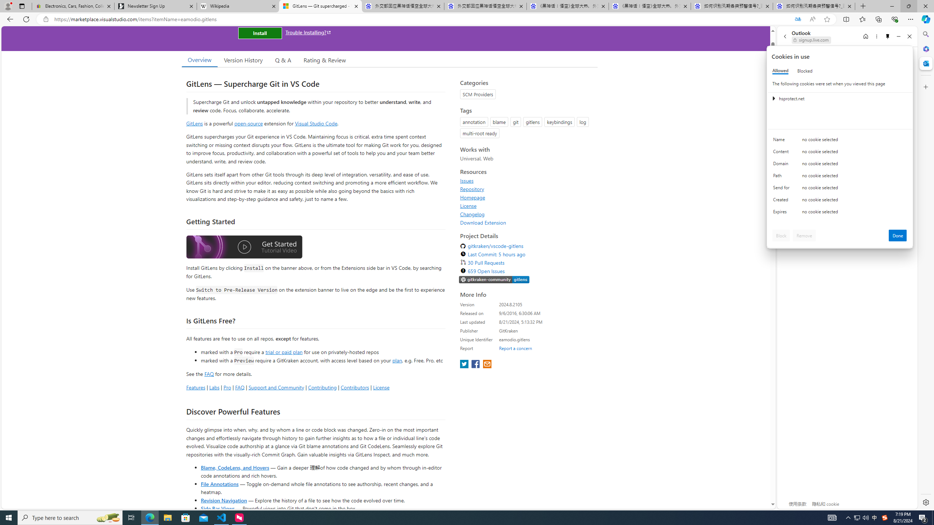 The width and height of the screenshot is (934, 525). Describe the element at coordinates (804, 236) in the screenshot. I see `'Remove'` at that location.